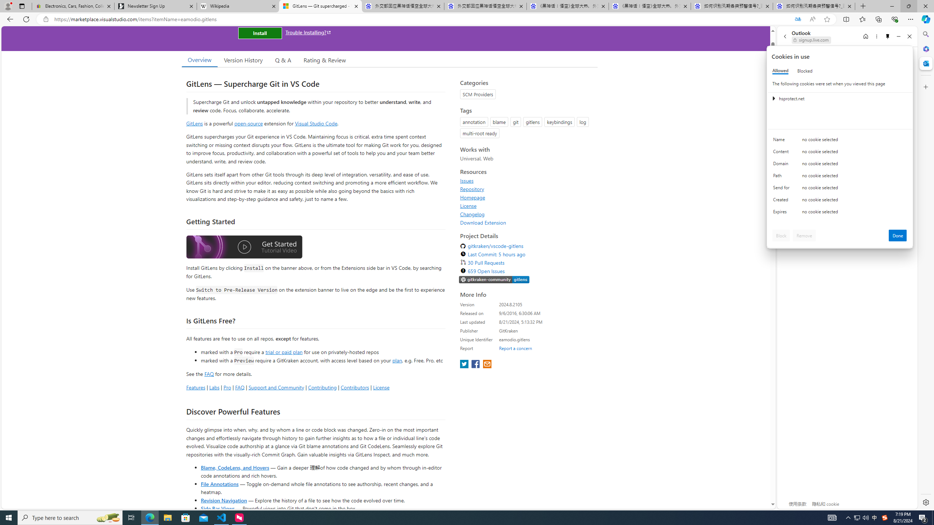 The width and height of the screenshot is (934, 525). Describe the element at coordinates (804, 236) in the screenshot. I see `'Remove'` at that location.